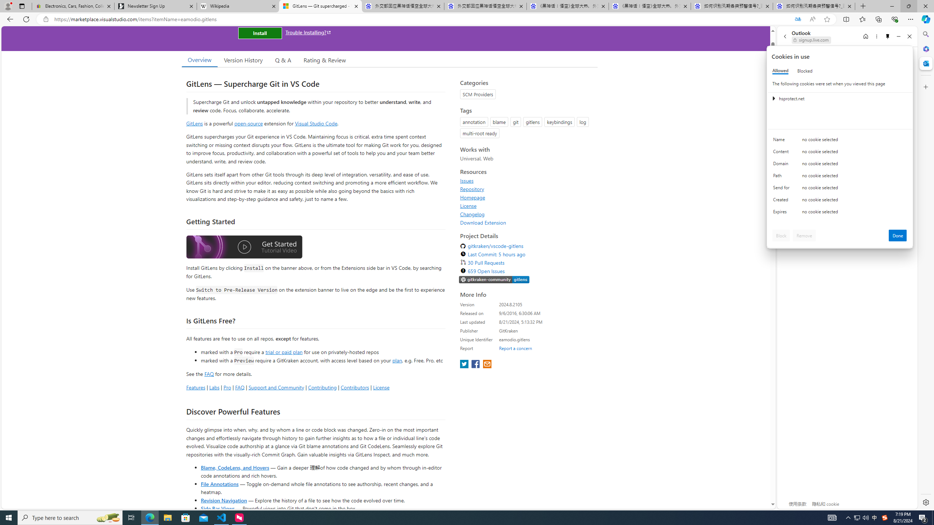 The width and height of the screenshot is (934, 525). Describe the element at coordinates (804, 236) in the screenshot. I see `'Remove'` at that location.